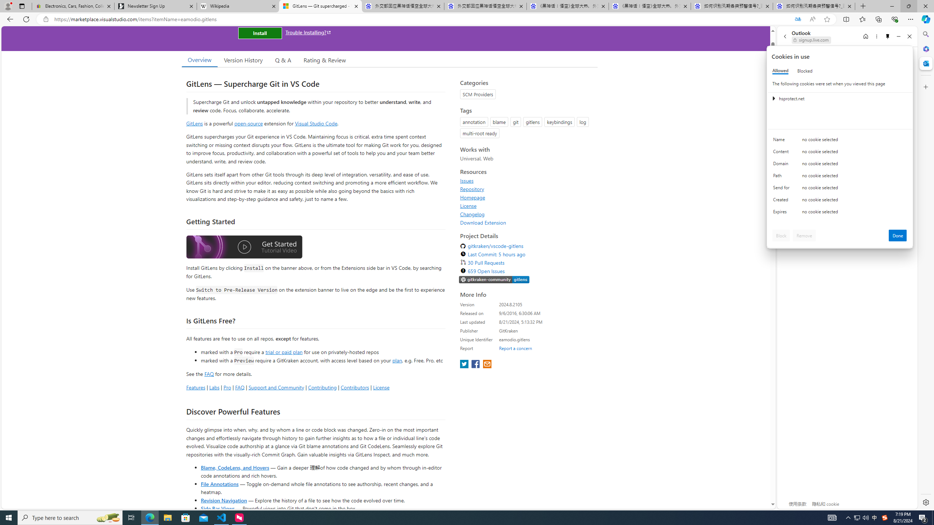 The width and height of the screenshot is (934, 525). Describe the element at coordinates (804, 236) in the screenshot. I see `'Remove'` at that location.